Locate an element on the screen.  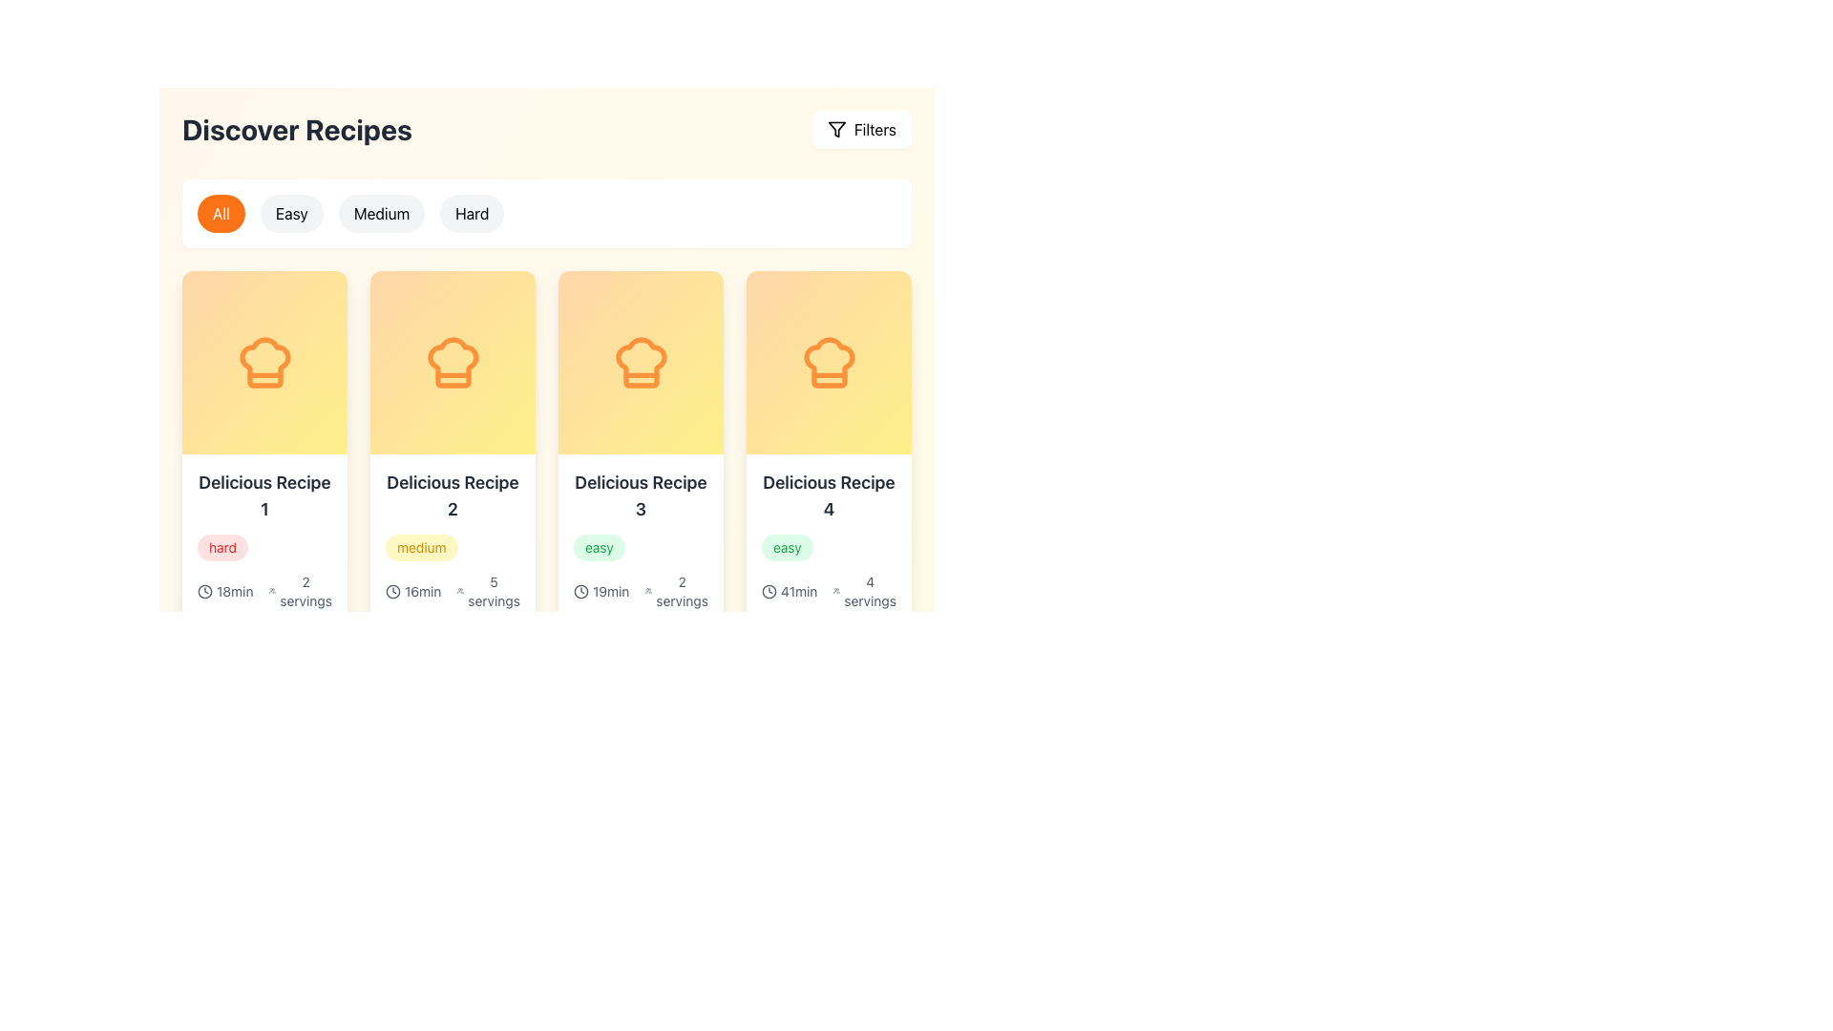
the SVG circle that serves as the outer boundary of the clock symbol, located centrally within the clock graphic in the bottom left corner of the fourth recipe card is located at coordinates (580, 591).